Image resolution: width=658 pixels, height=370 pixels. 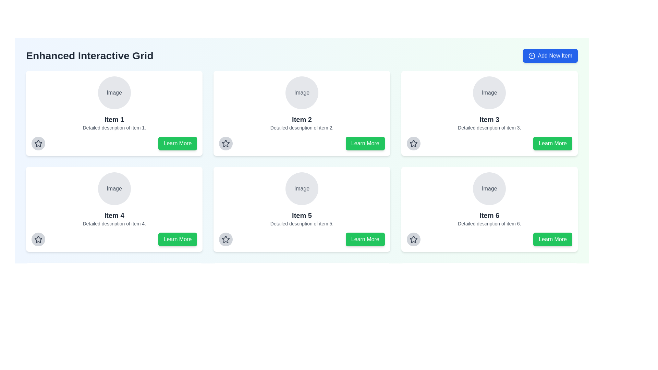 What do you see at coordinates (413, 143) in the screenshot?
I see `the gray star-shaped icon to mark or unmark the item next to 'Item 3' in the grid interface` at bounding box center [413, 143].